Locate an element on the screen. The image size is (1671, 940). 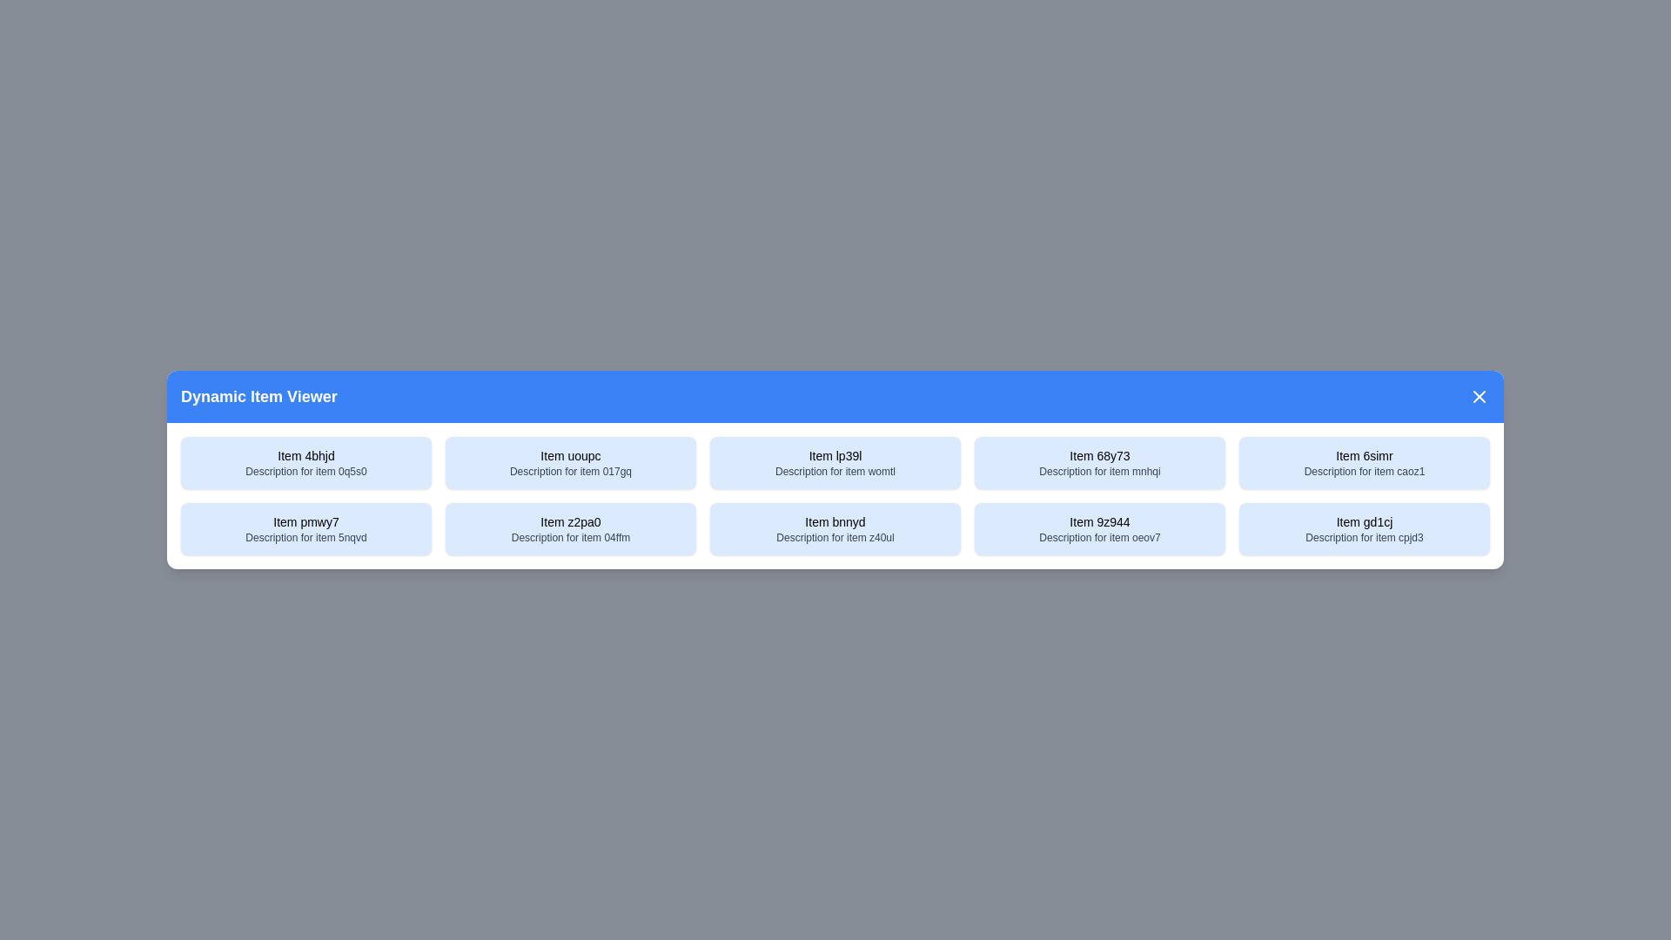
the item with title Item lp39l to select it is located at coordinates (835, 462).